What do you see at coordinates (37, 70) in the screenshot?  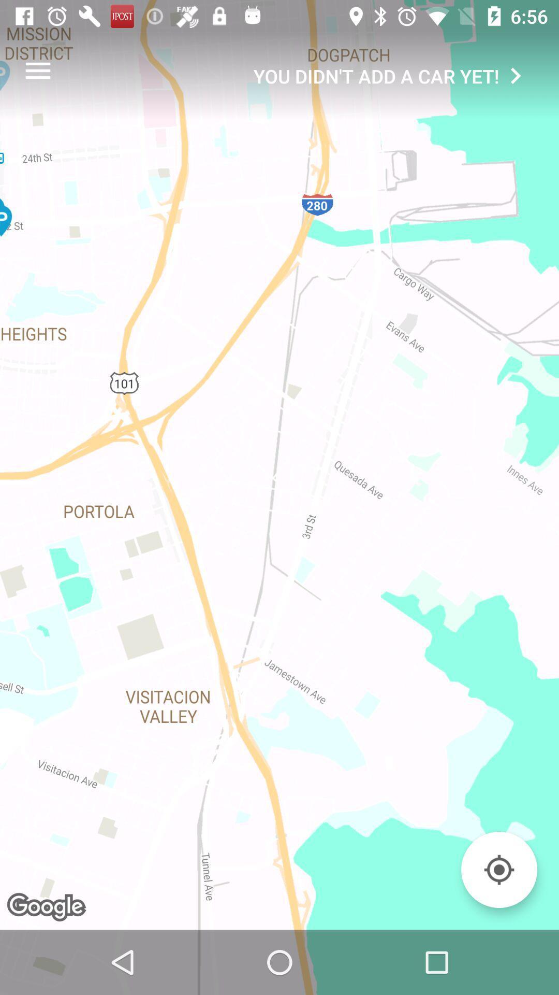 I see `item to the left of the you didn t` at bounding box center [37, 70].